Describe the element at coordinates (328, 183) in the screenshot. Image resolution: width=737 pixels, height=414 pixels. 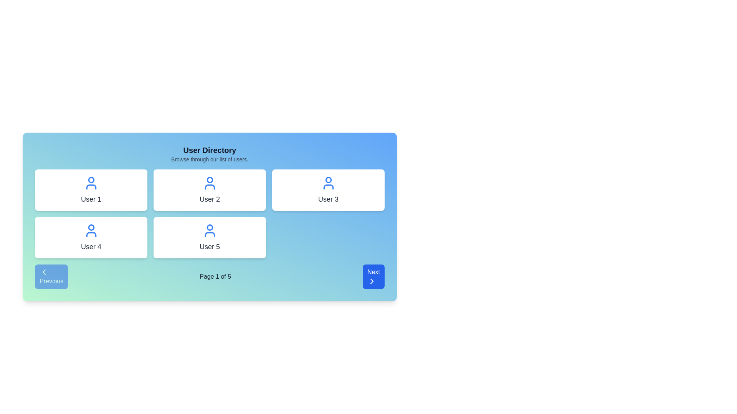
I see `the 'User 3' profile icon located in the center of the user card in the top-right section of the grid` at that location.